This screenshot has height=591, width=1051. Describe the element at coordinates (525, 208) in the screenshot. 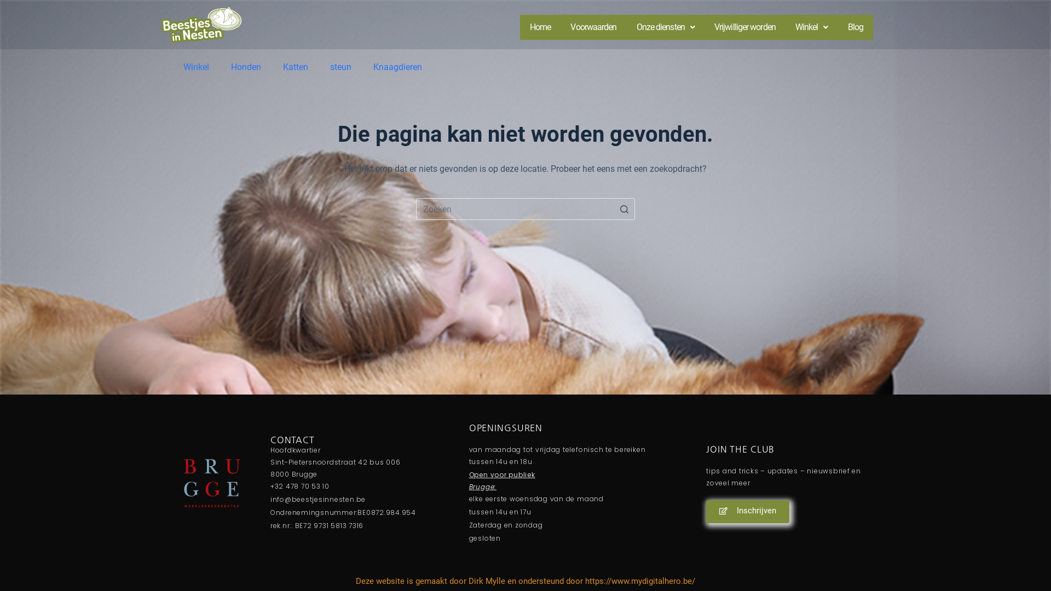

I see `'Zoek naar...'` at that location.